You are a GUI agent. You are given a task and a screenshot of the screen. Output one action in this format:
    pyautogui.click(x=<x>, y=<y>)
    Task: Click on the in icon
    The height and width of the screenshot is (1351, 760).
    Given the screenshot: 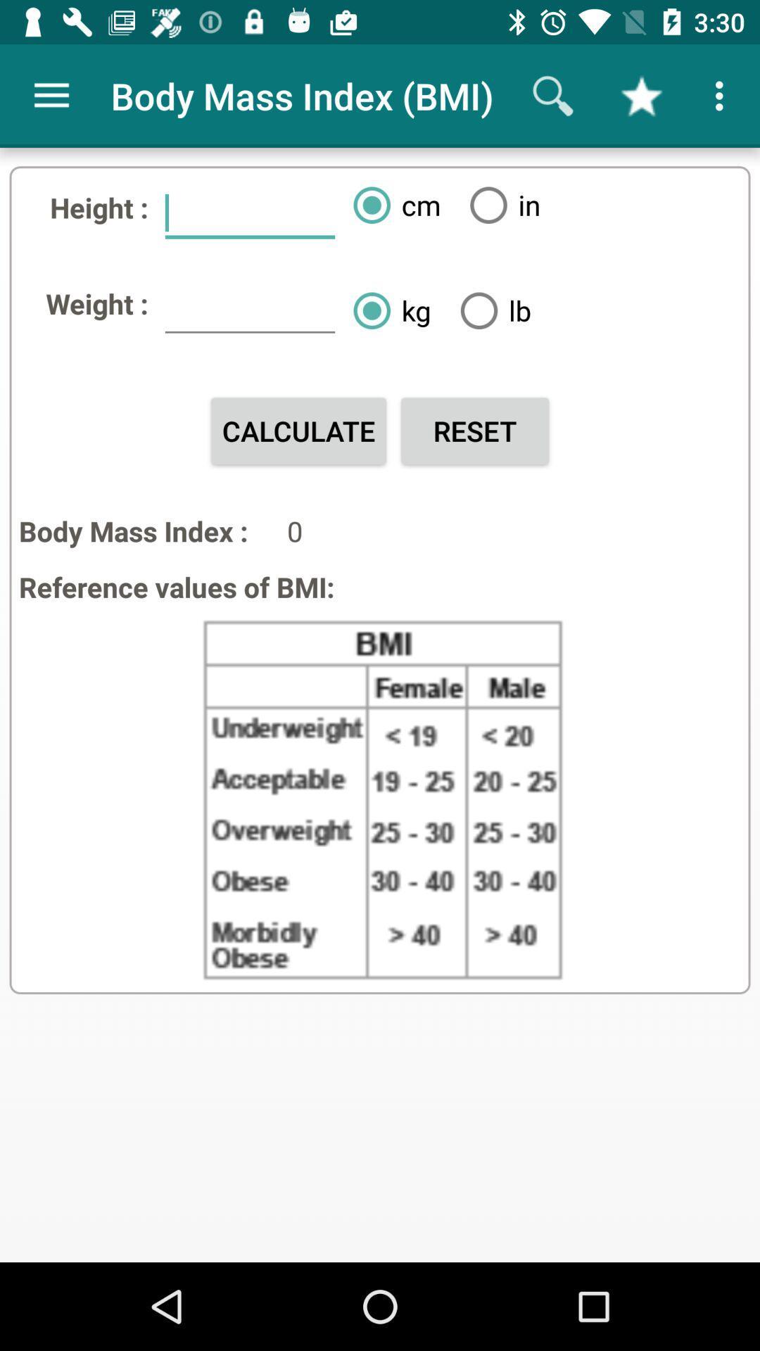 What is the action you would take?
    pyautogui.click(x=499, y=204)
    